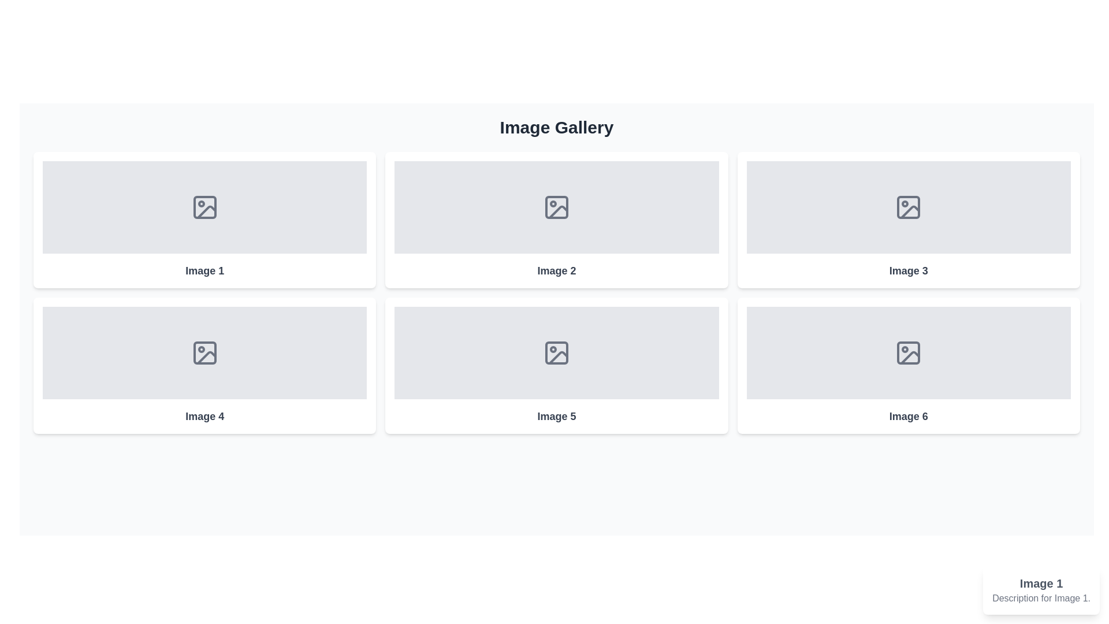 This screenshot has height=624, width=1109. I want to click on the card representing content (image placeholder) labeled 'Image 4', so click(204, 365).